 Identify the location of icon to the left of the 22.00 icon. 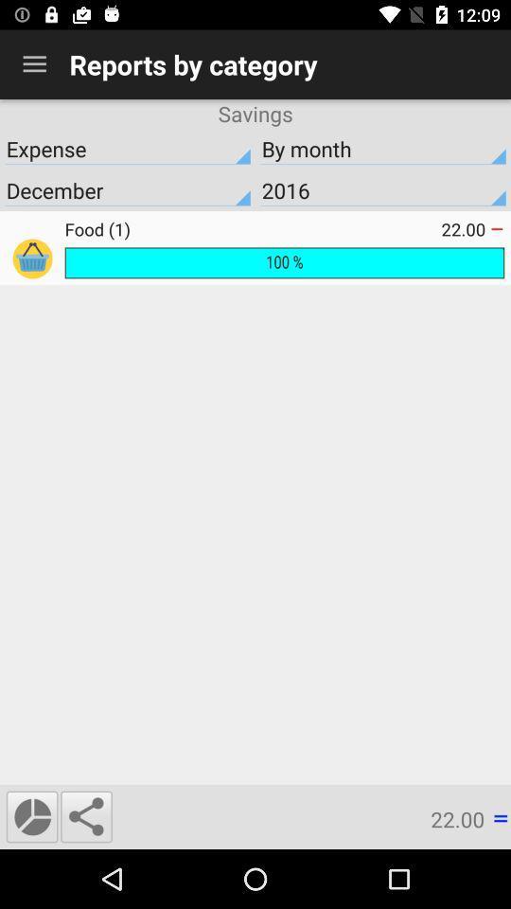
(85, 815).